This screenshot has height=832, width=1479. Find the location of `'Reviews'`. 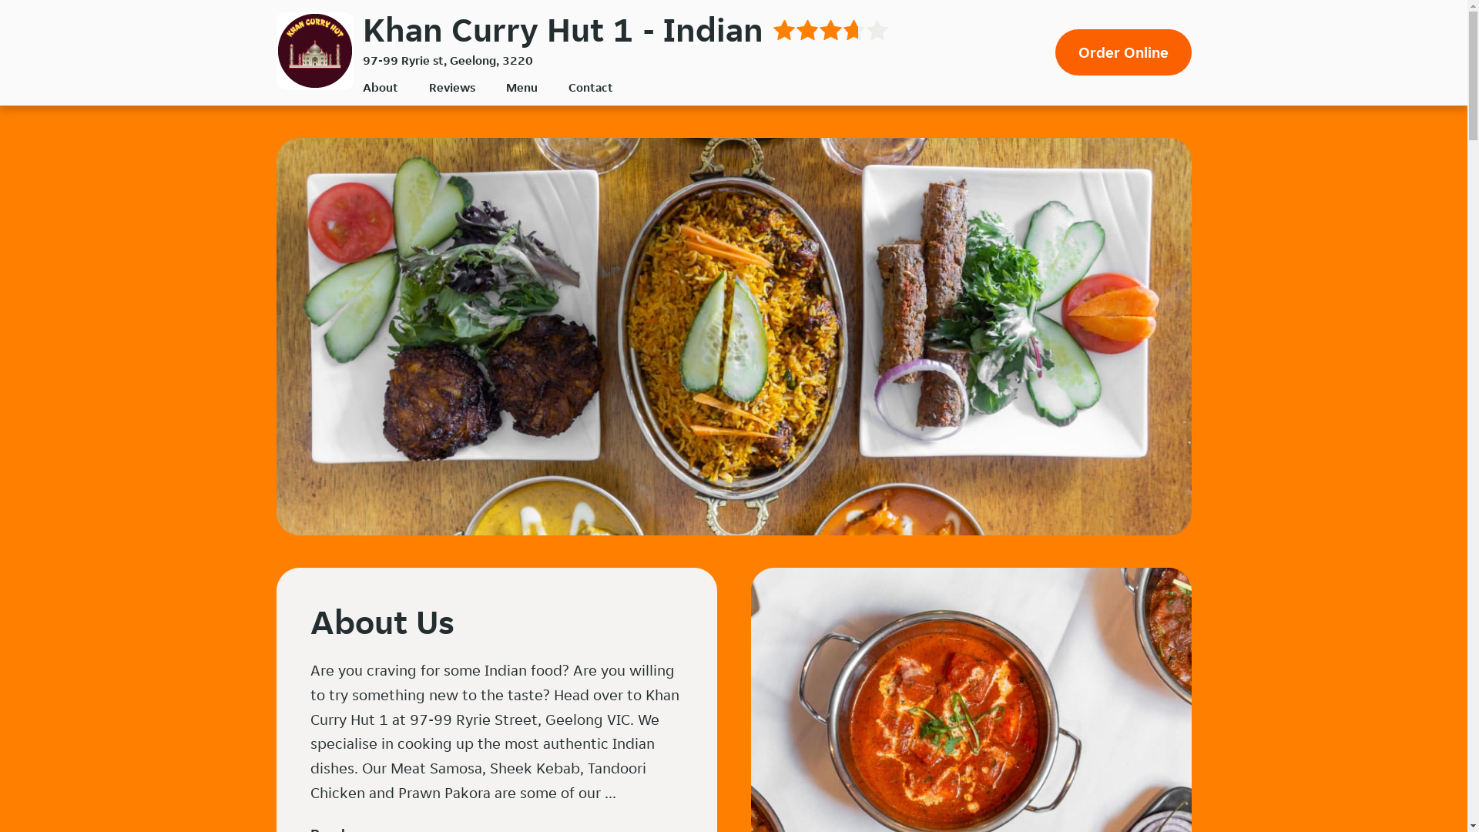

'Reviews' is located at coordinates (450, 87).